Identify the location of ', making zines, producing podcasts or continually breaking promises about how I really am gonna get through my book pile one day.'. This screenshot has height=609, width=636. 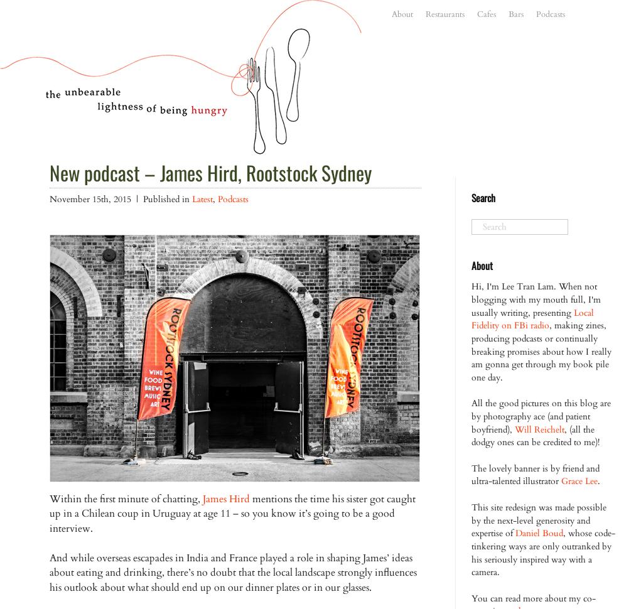
(541, 350).